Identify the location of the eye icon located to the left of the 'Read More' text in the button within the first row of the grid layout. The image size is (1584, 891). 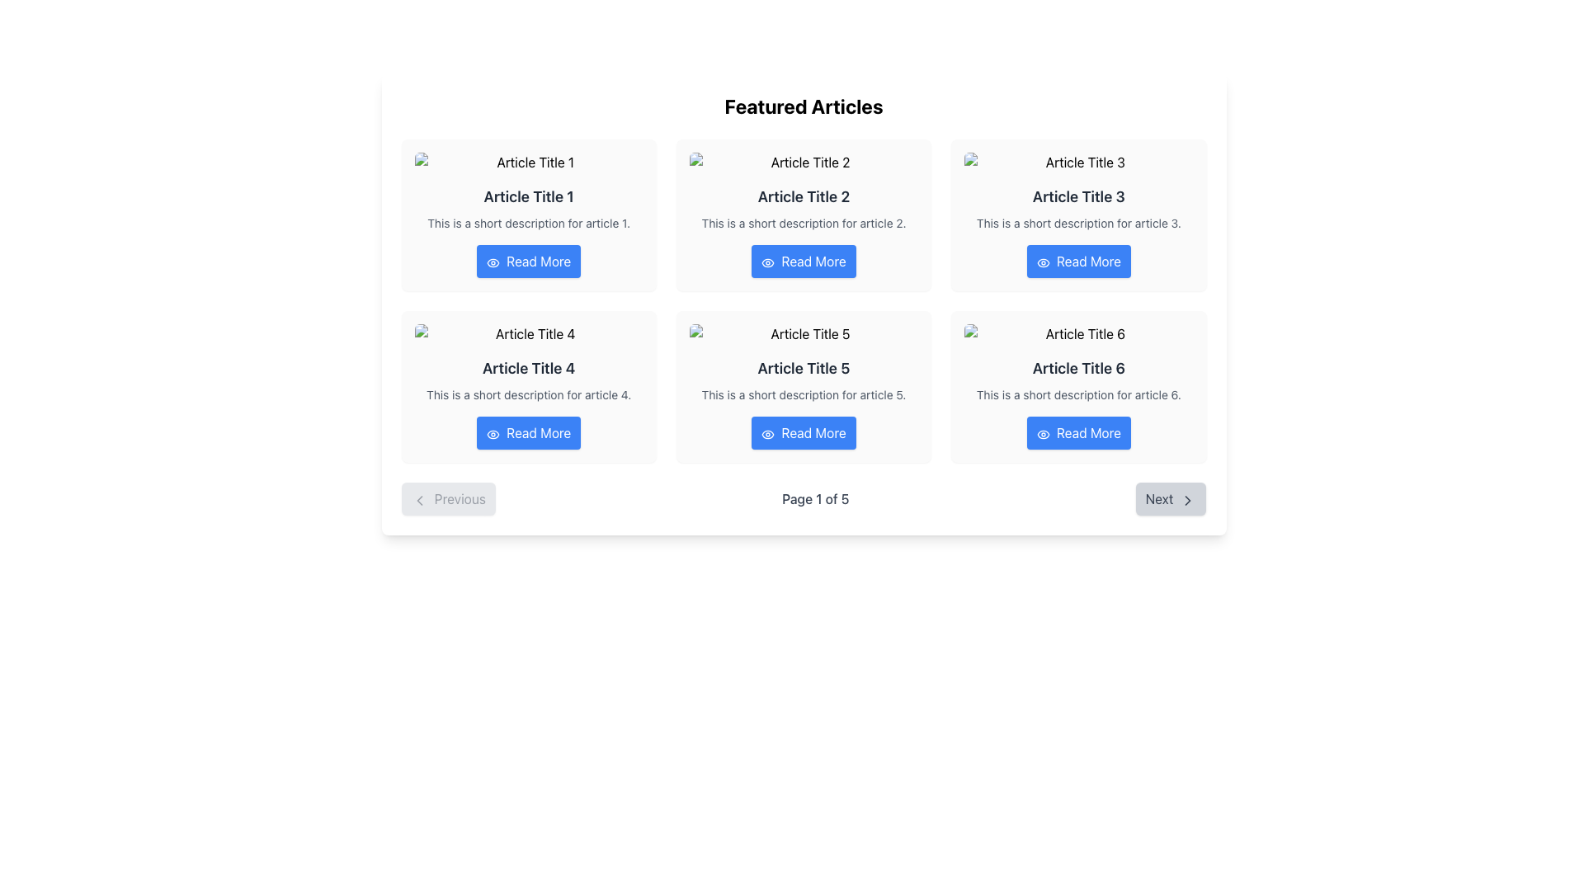
(767, 261).